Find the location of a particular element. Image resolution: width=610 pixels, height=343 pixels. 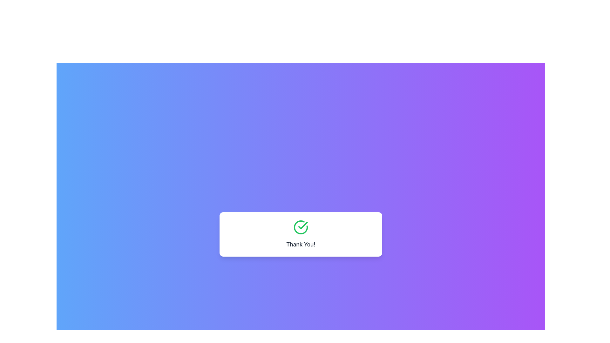

the Text Block with Icon that displays a circular green check icon above the text saying 'Thank You!' is located at coordinates (300, 234).